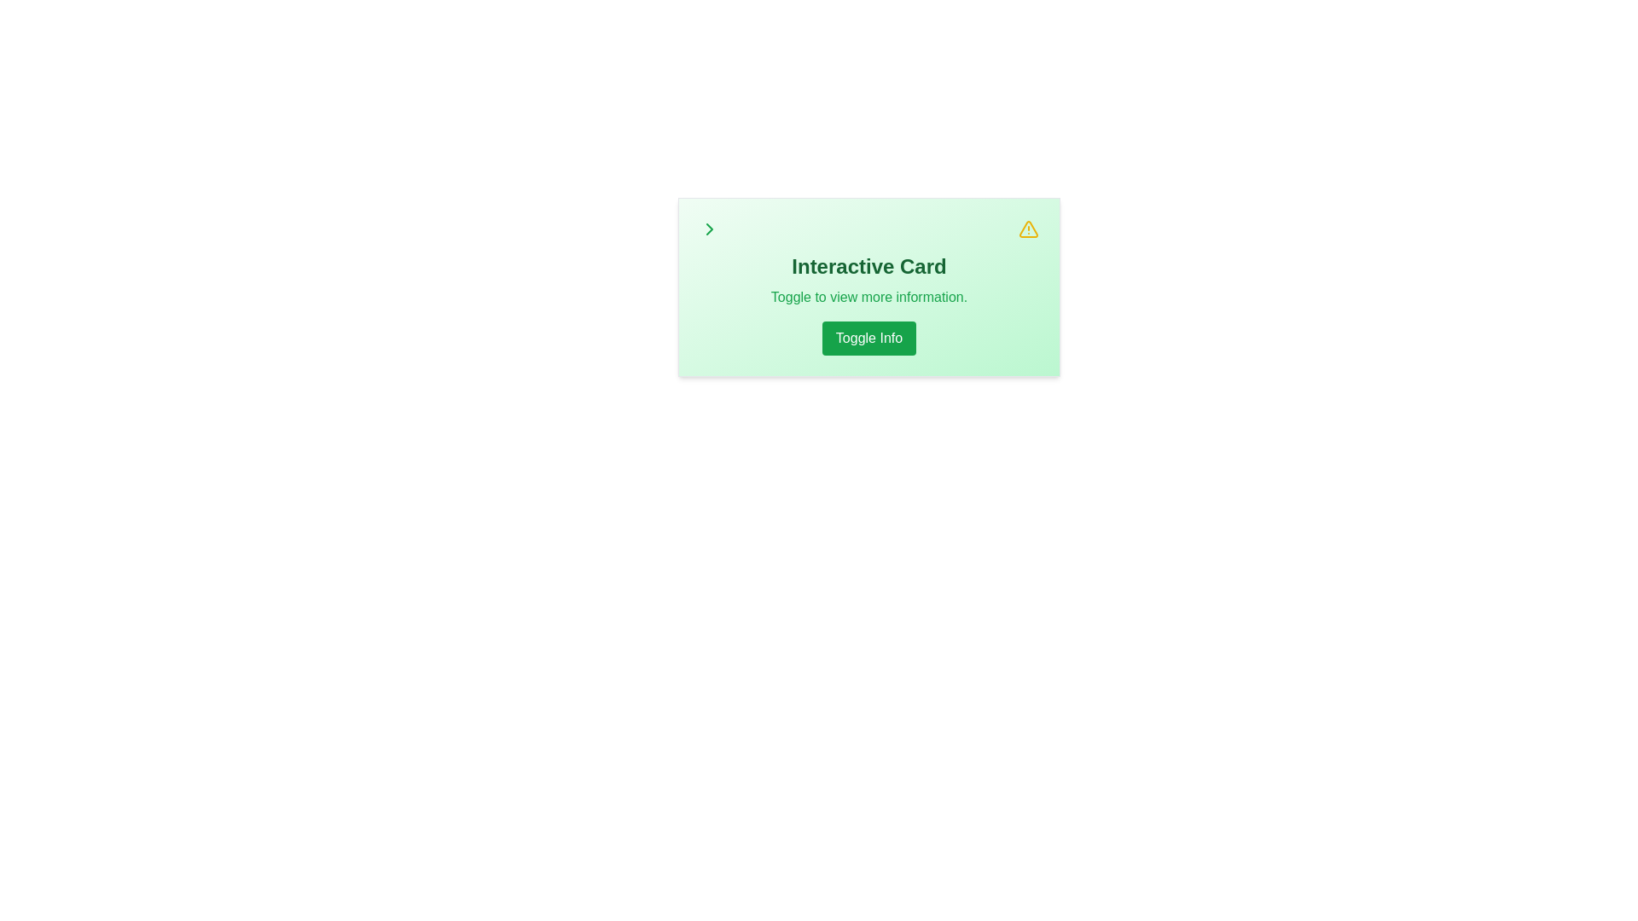  Describe the element at coordinates (709, 229) in the screenshot. I see `the small chevron-right icon with a green stroke color located in the top-right corner of the green-themed card` at that location.